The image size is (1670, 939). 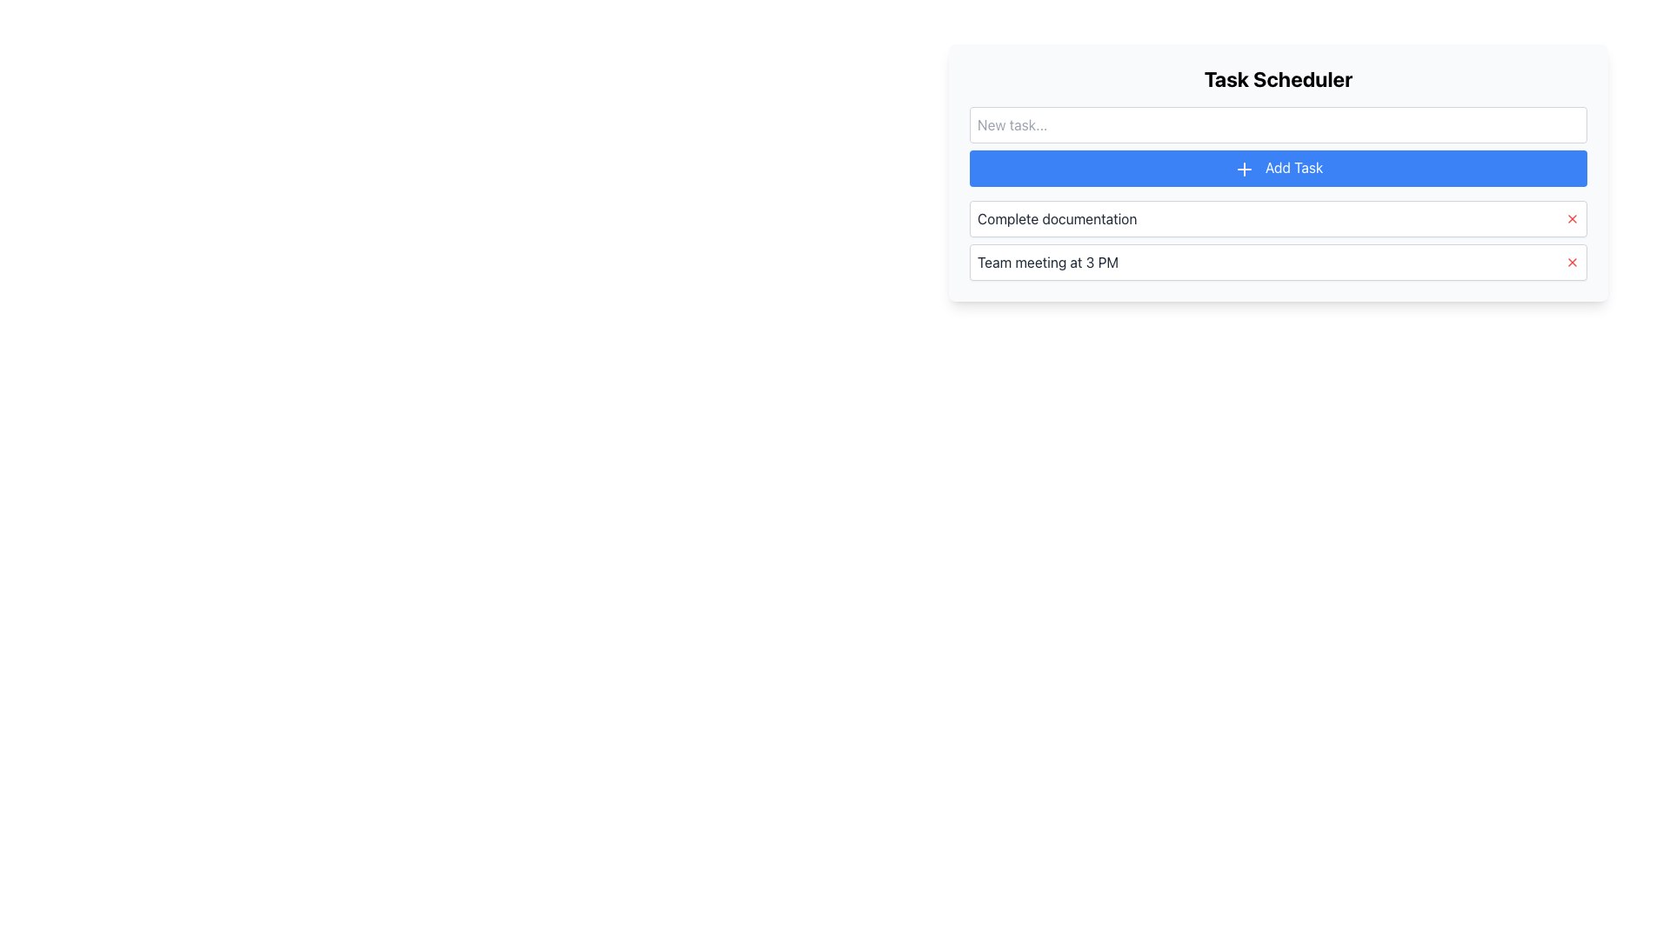 What do you see at coordinates (1278, 261) in the screenshot?
I see `to select the second task in the task list, which reads 'Team meeting at 3 PM' and has a red deletion icon on the right` at bounding box center [1278, 261].